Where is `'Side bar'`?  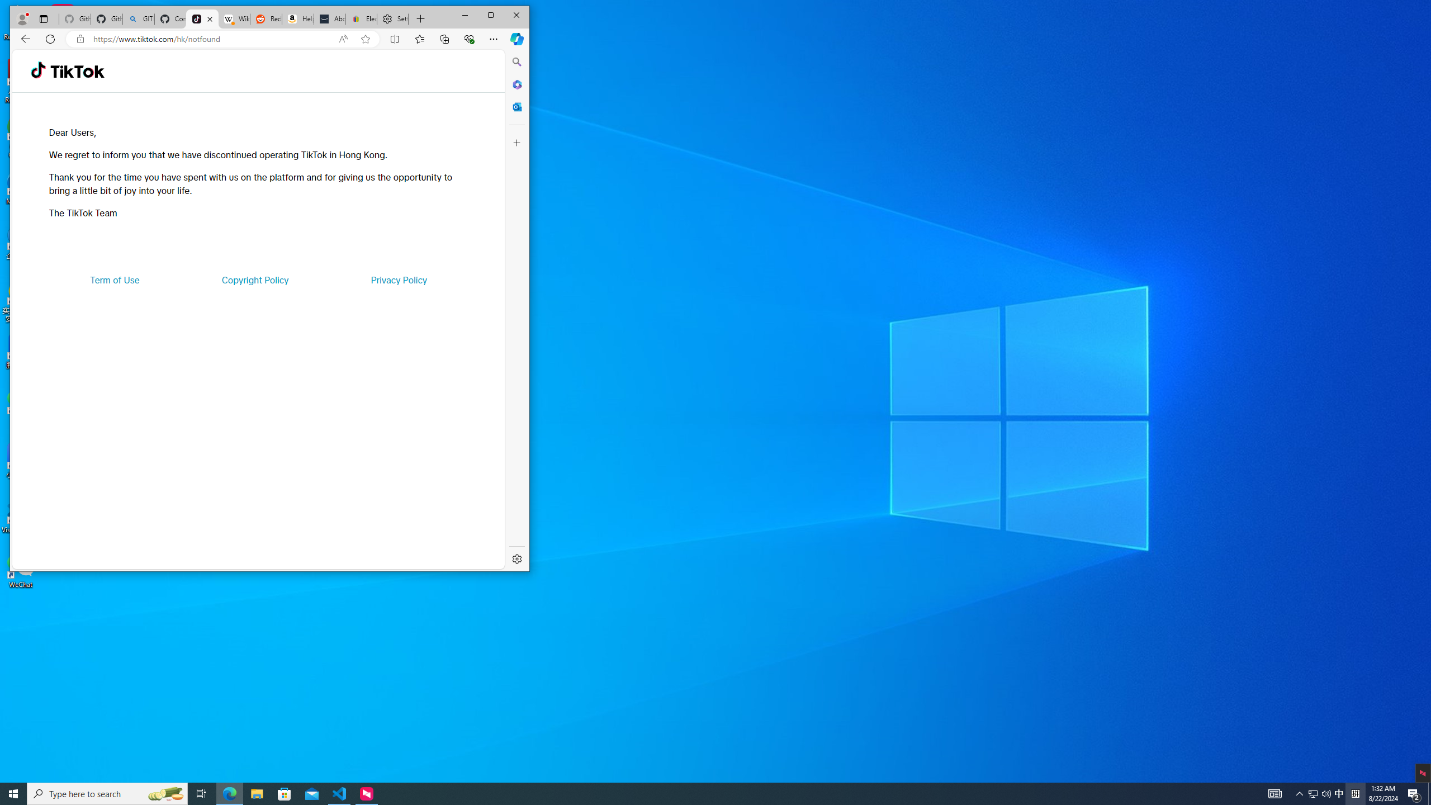
'Side bar' is located at coordinates (517, 310).